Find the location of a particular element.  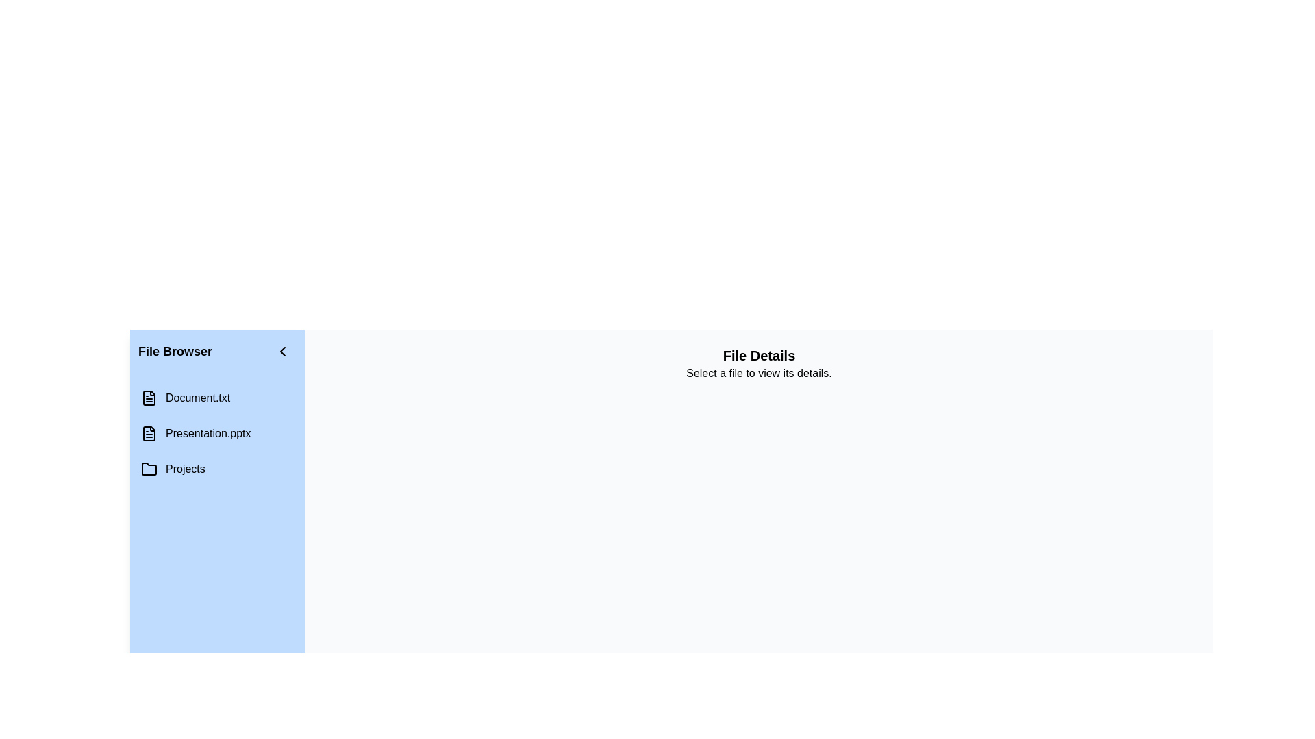

the folder icon representing the 'Projects' directory in the file navigation panel is located at coordinates (149, 469).